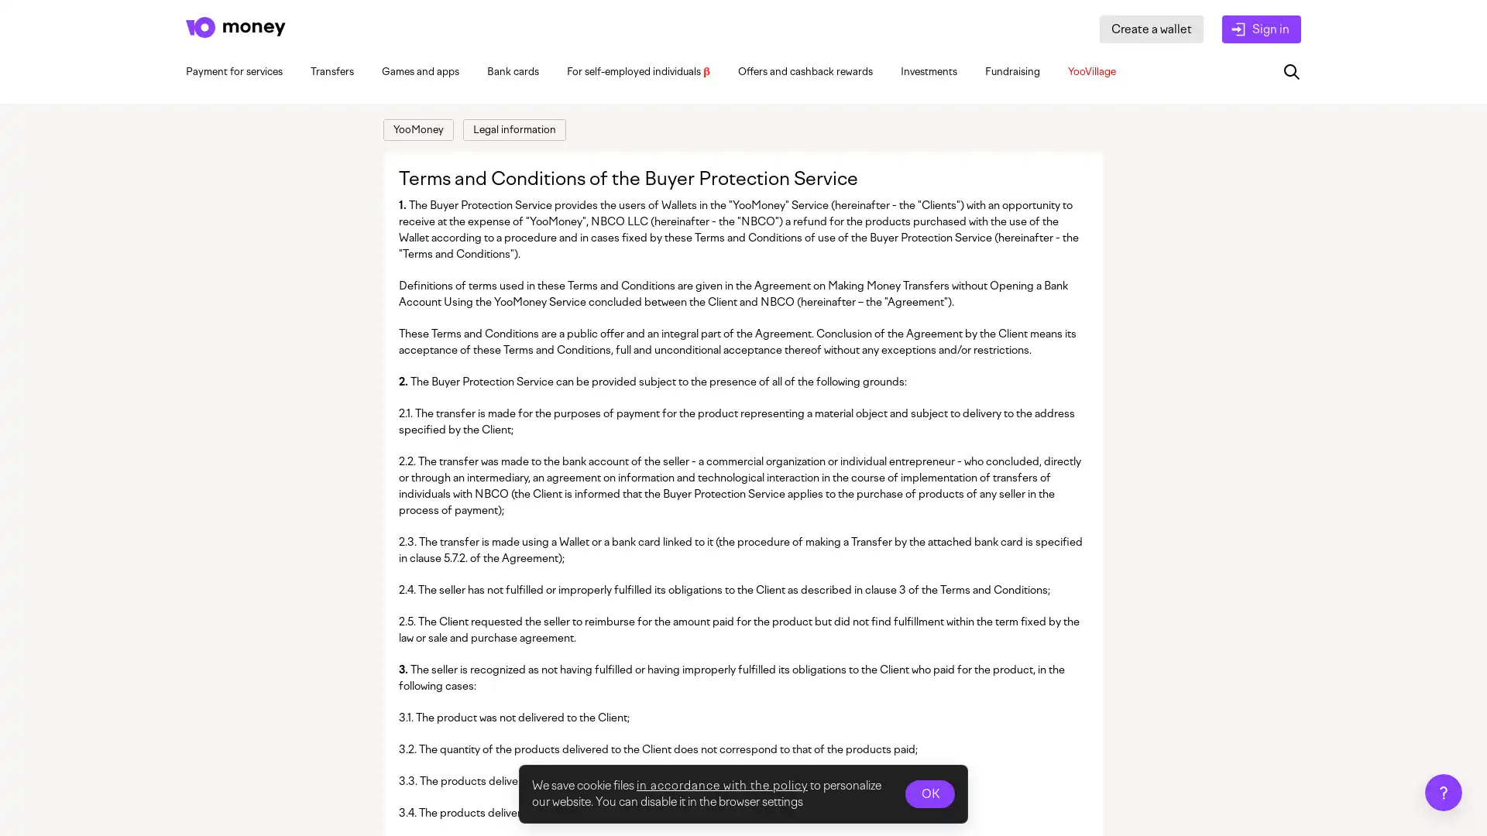 This screenshot has height=836, width=1487. I want to click on OK, so click(929, 794).